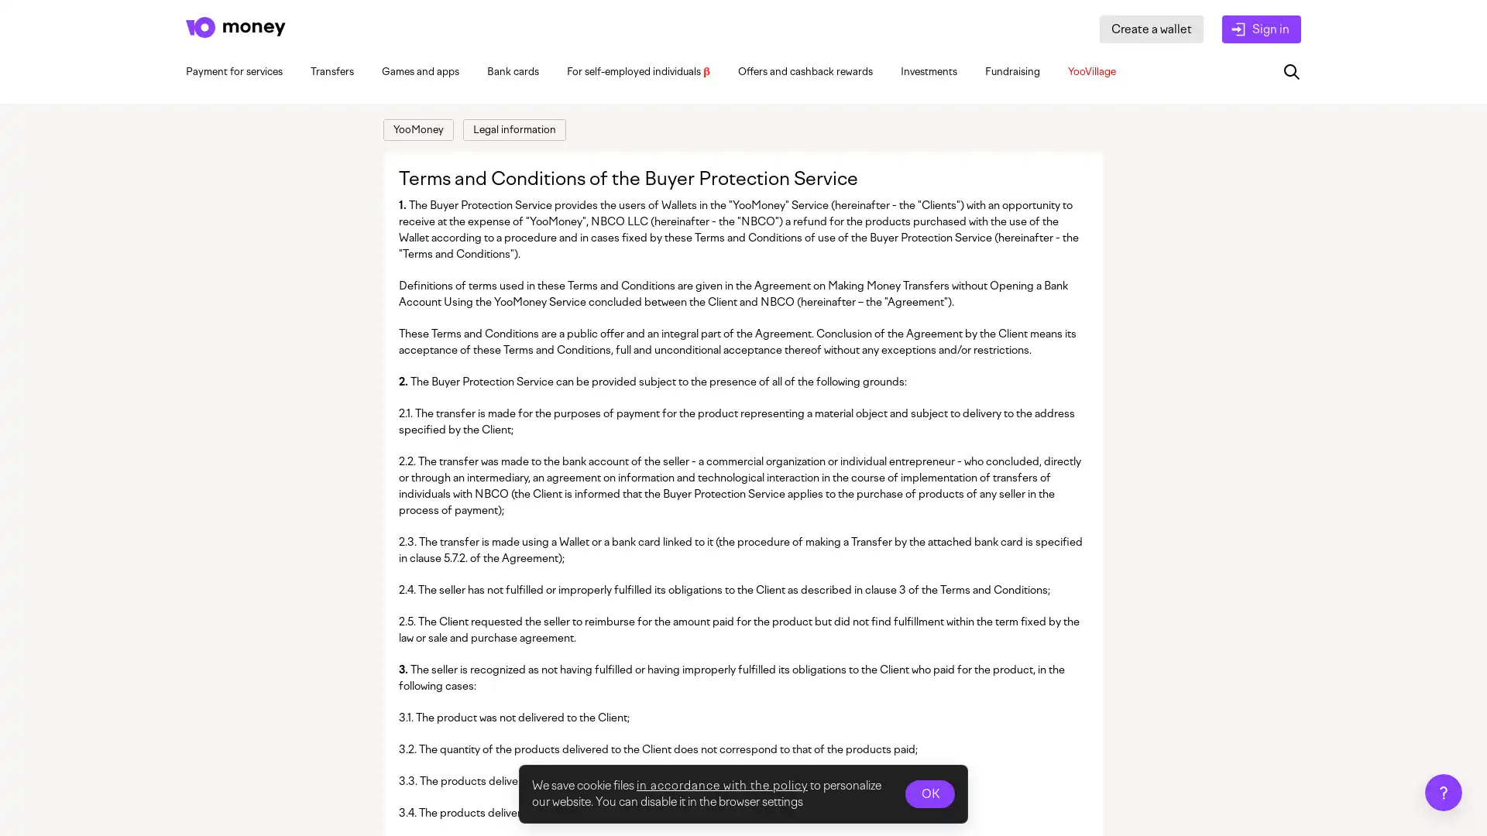 This screenshot has height=836, width=1487. I want to click on OK, so click(929, 794).